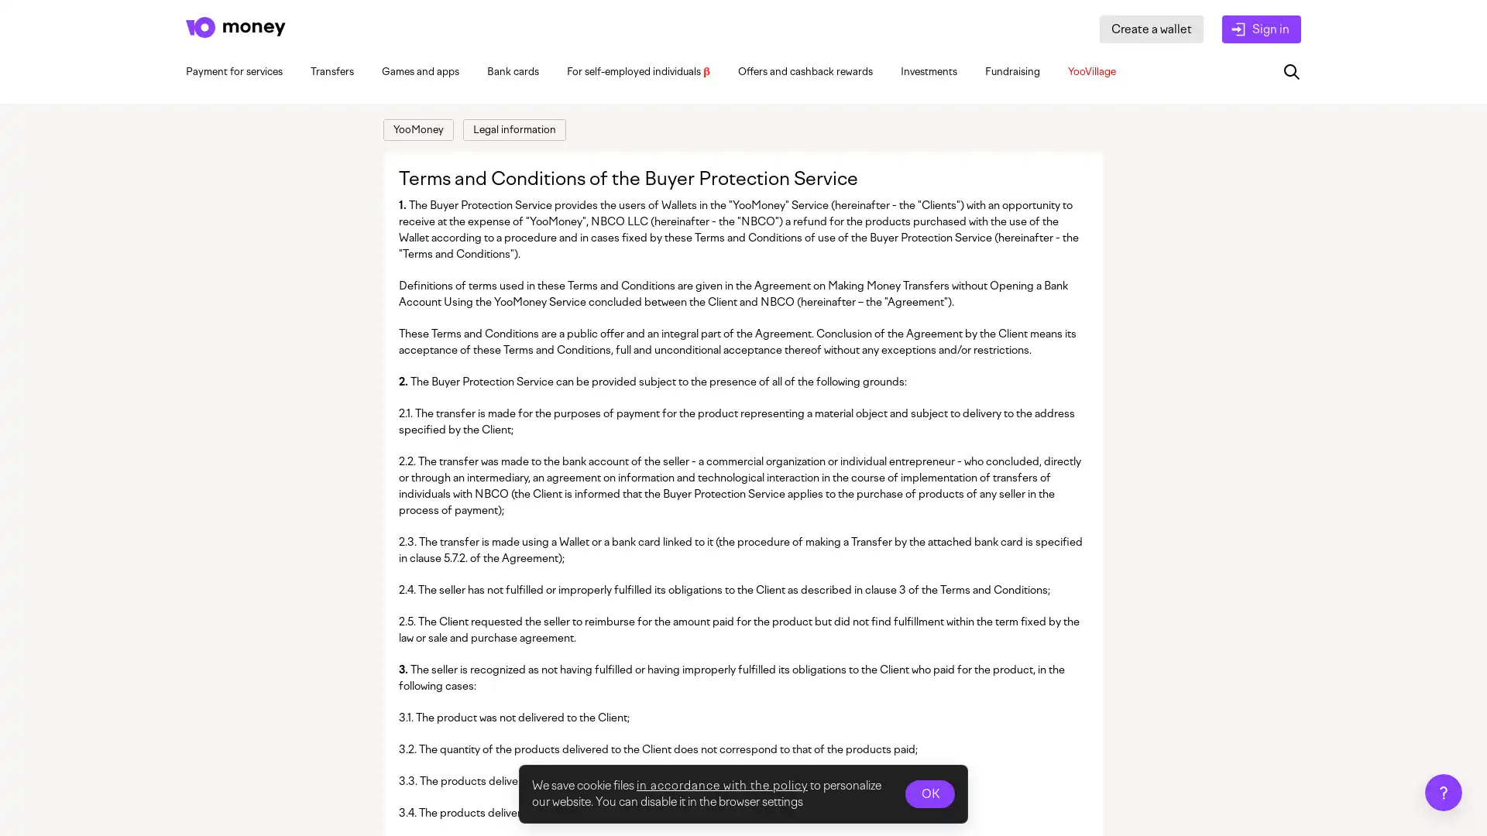 This screenshot has height=836, width=1487. I want to click on OK, so click(929, 794).